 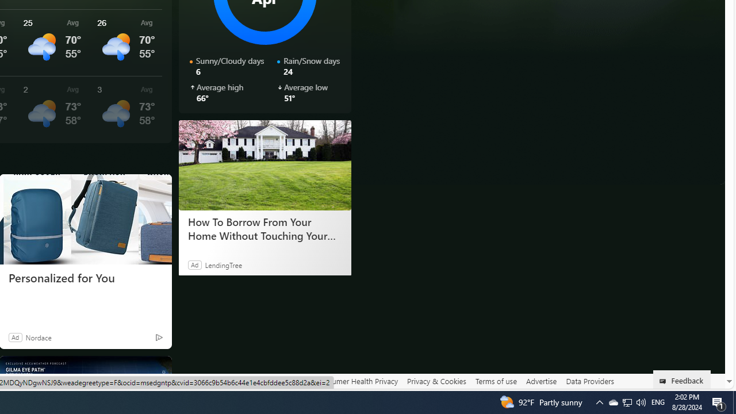 What do you see at coordinates (665, 381) in the screenshot?
I see `'Class: feedback_link_icon-DS-EntryPoint1-1'` at bounding box center [665, 381].